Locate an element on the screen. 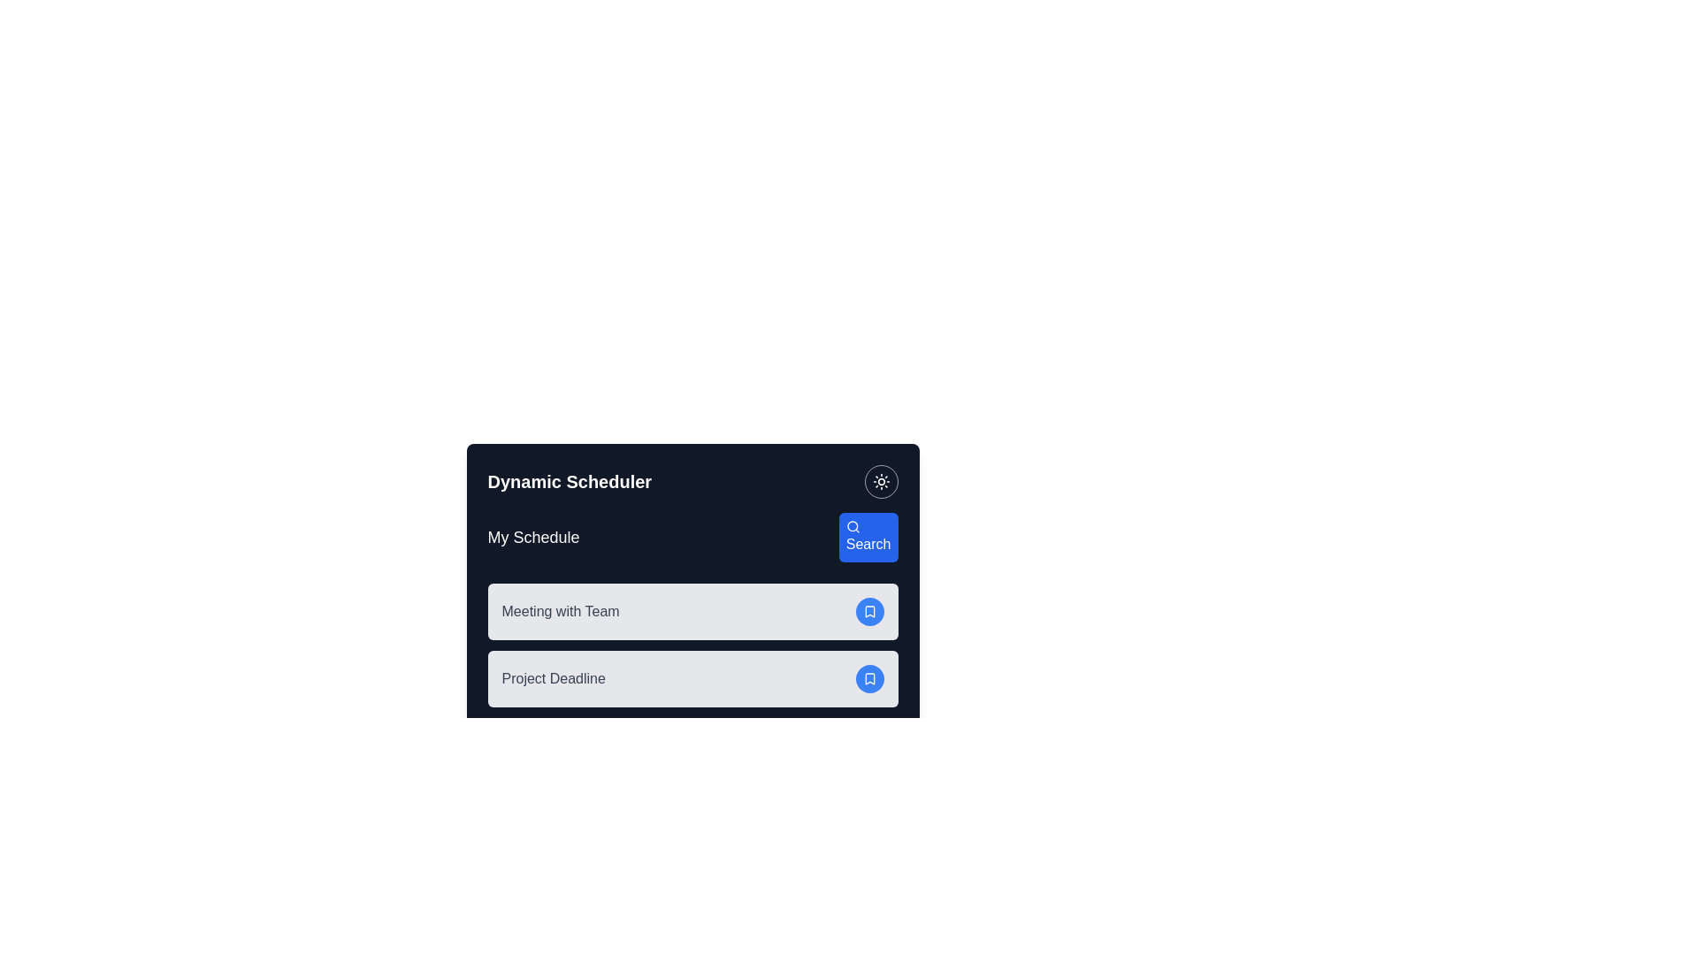  the text label indicating the scheduled event 'Meeting with Team' is located at coordinates (559, 610).